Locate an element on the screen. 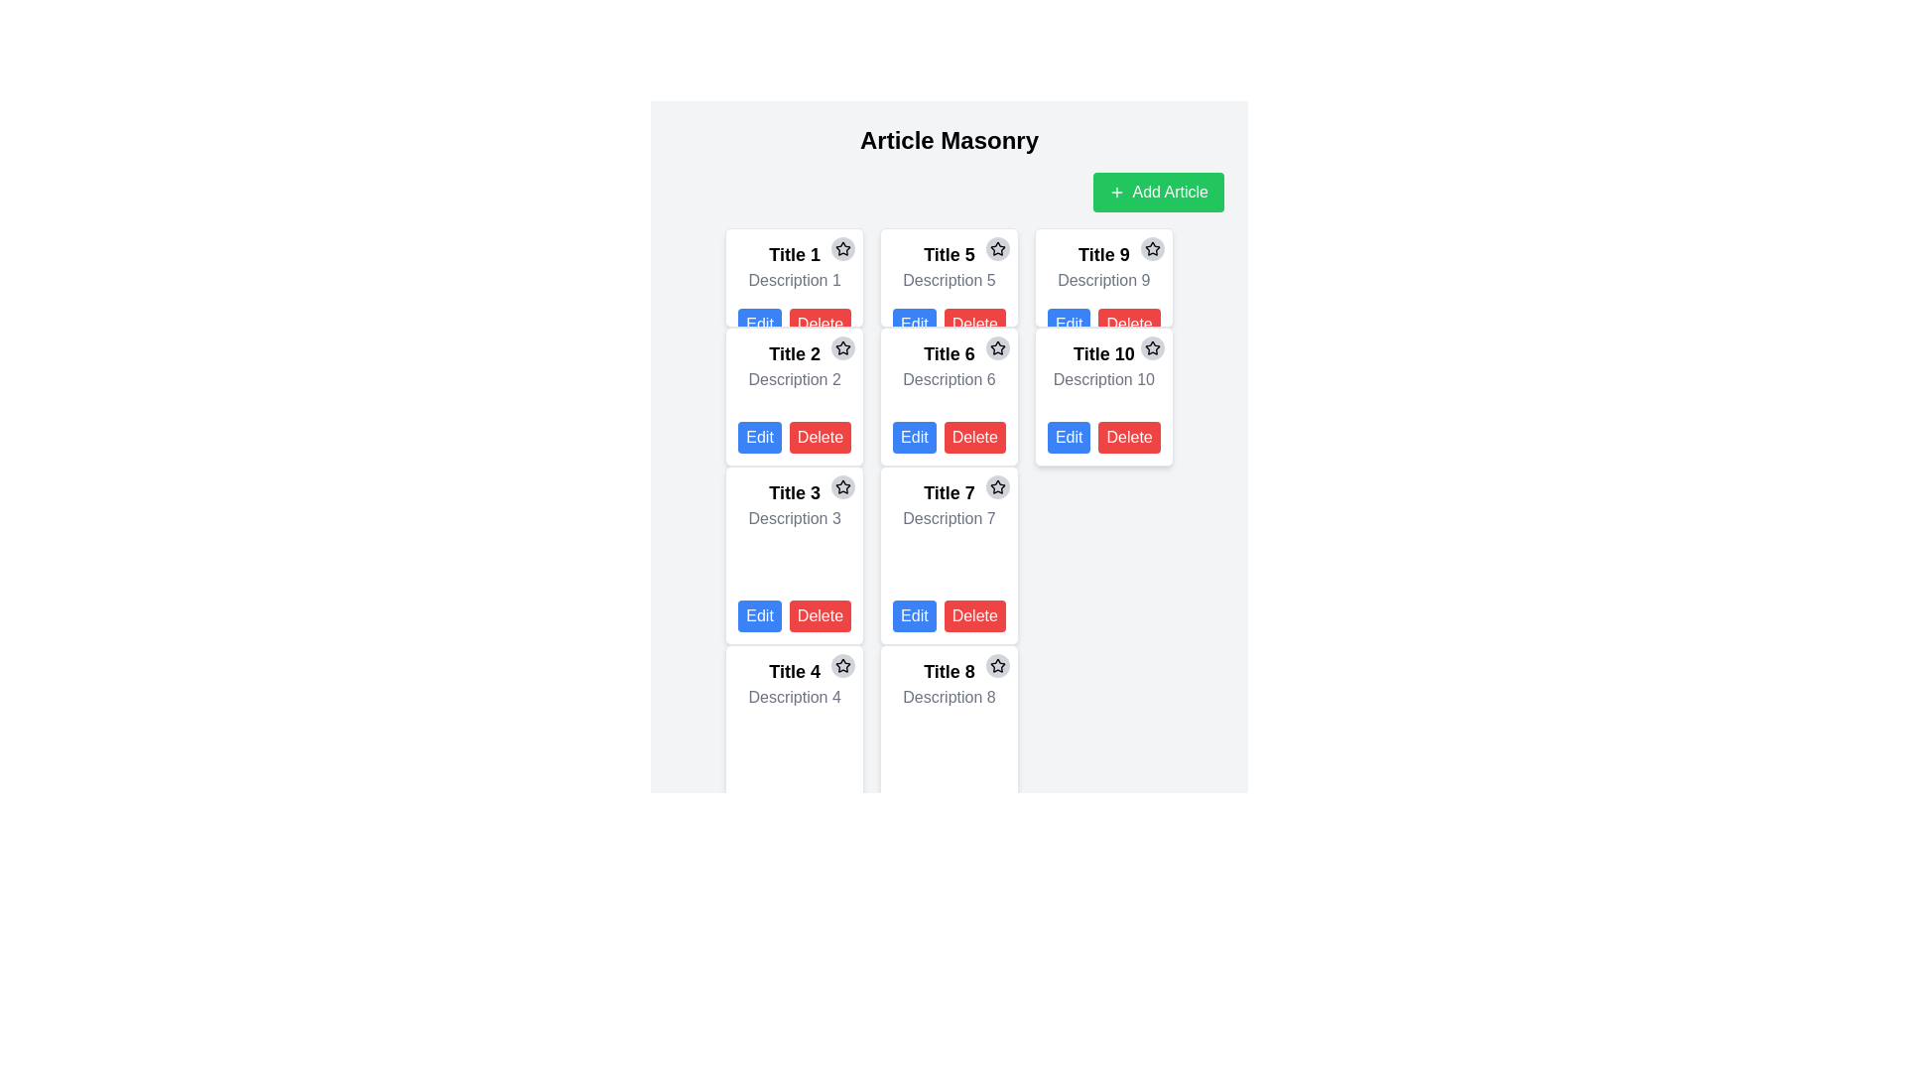 This screenshot has height=1072, width=1905. the delete button located at the bottom of the card labeled 'Title 1' to invoke its delete function is located at coordinates (820, 324).